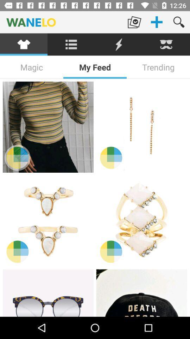 The image size is (190, 339). What do you see at coordinates (111, 157) in the screenshot?
I see `color` at bounding box center [111, 157].